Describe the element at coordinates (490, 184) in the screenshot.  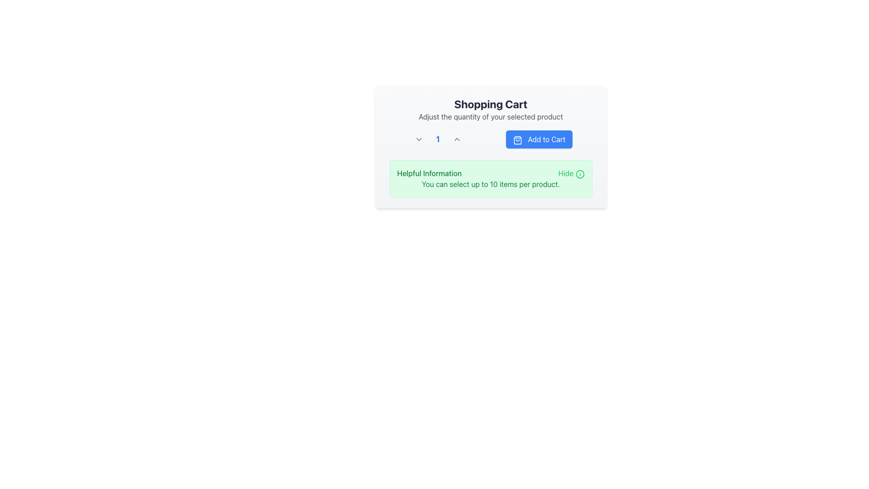
I see `the informational text label that reads 'You can select up to 10 items per product.' located in the lower part of the 'Helpful Information' section` at that location.